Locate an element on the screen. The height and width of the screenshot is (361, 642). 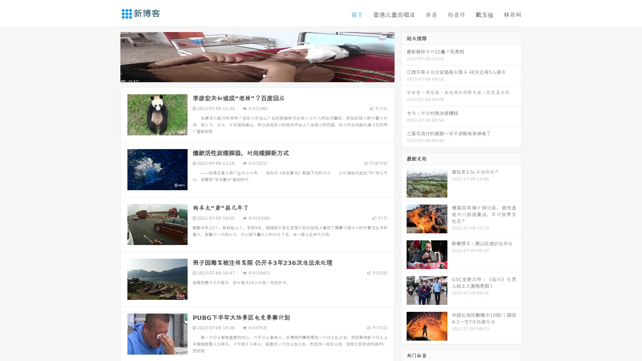
Go to slide 2 is located at coordinates (257, 75).